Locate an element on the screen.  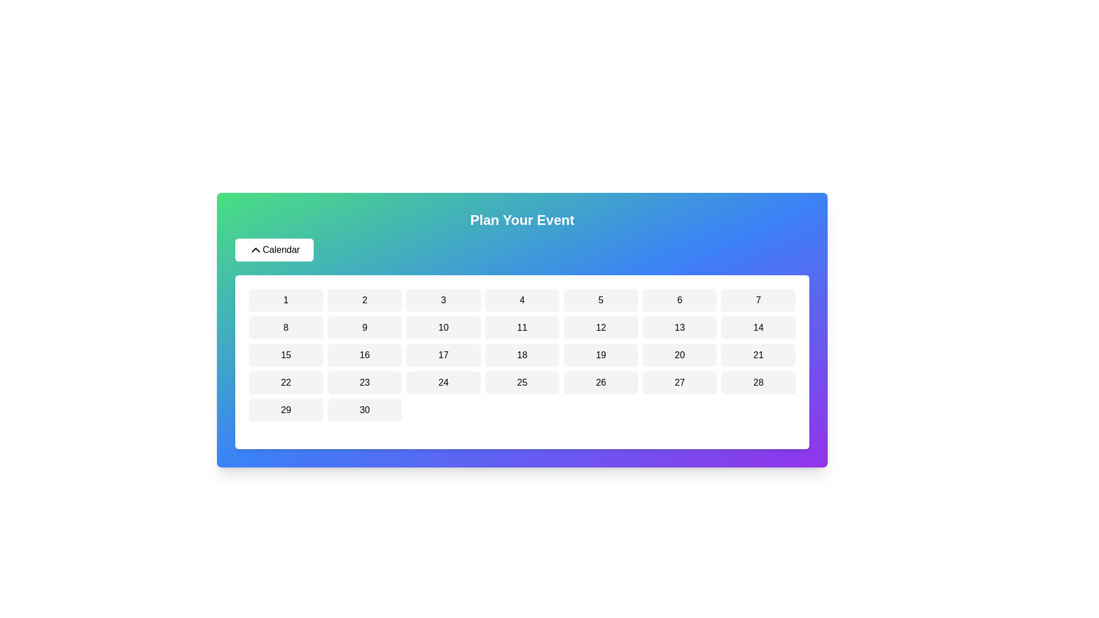
the button representing the number 4 in the calendar layout is located at coordinates (521, 299).